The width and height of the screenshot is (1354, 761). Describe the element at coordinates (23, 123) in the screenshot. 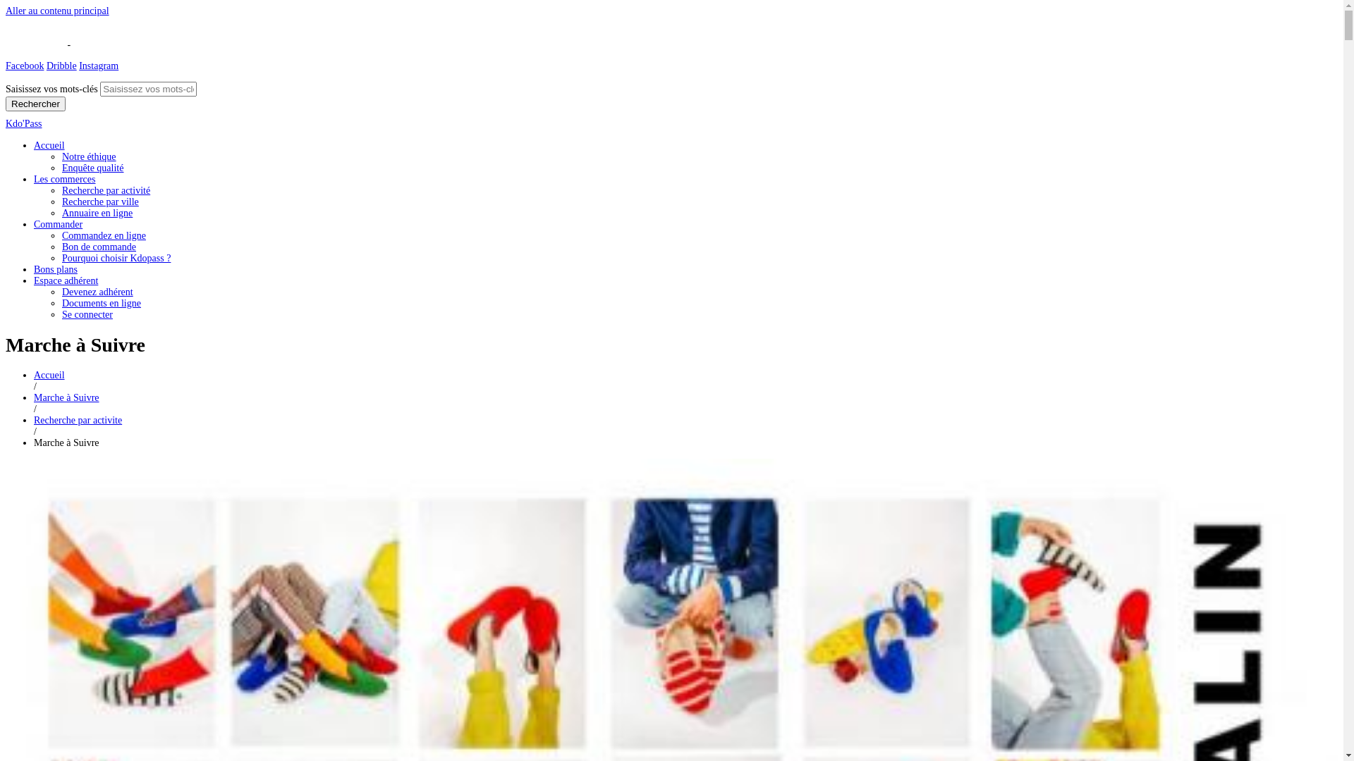

I see `'Kdo'Pass'` at that location.